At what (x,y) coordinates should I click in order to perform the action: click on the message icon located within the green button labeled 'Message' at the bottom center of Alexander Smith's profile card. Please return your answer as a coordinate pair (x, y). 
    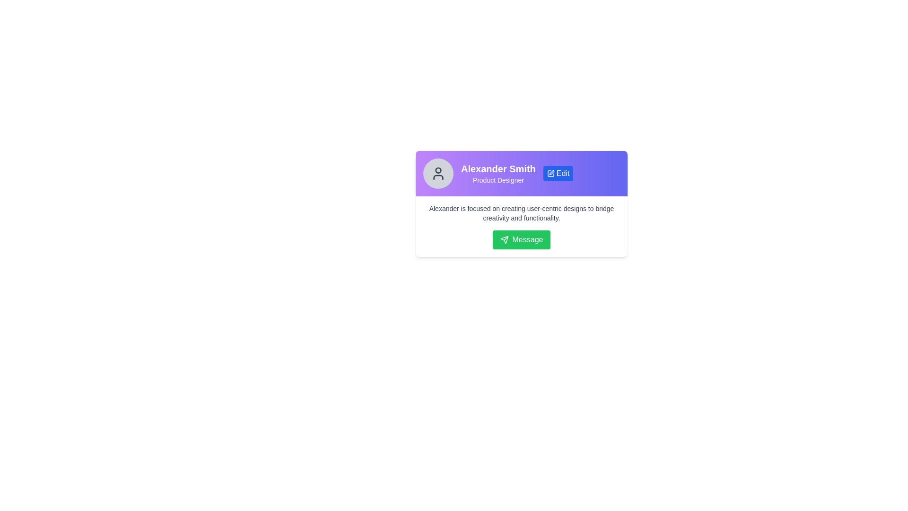
    Looking at the image, I should click on (504, 239).